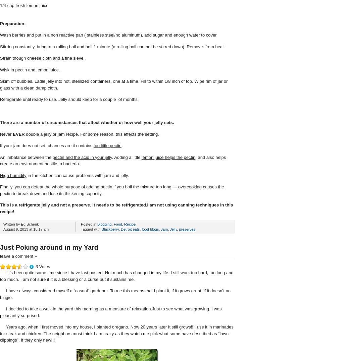 The height and width of the screenshot is (361, 345). What do you see at coordinates (130, 229) in the screenshot?
I see `'Detroit eats'` at bounding box center [130, 229].